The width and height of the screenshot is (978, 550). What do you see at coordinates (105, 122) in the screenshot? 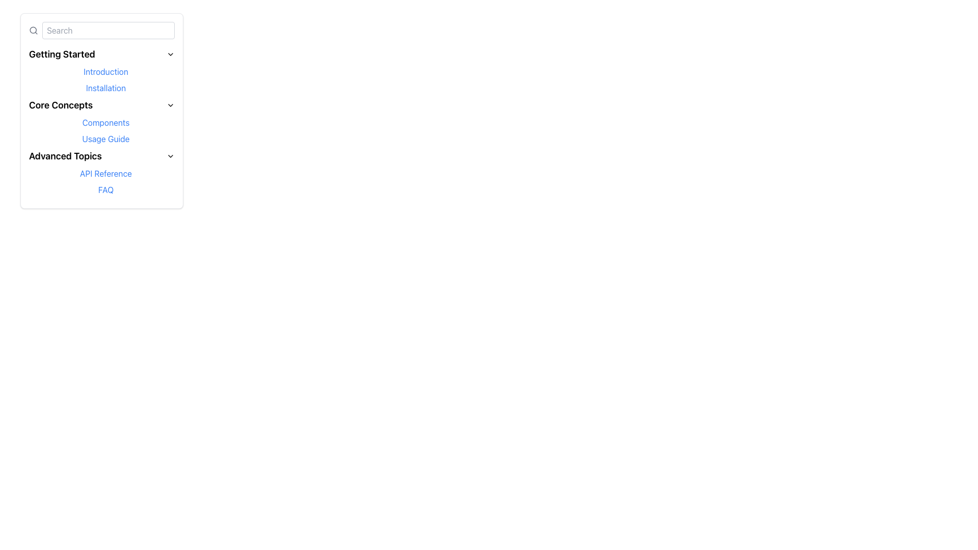
I see `the blue-colored, underlined text hyperlink labeled 'Components' located in the 'Core Concepts' section of the vertical sidebar` at bounding box center [105, 122].